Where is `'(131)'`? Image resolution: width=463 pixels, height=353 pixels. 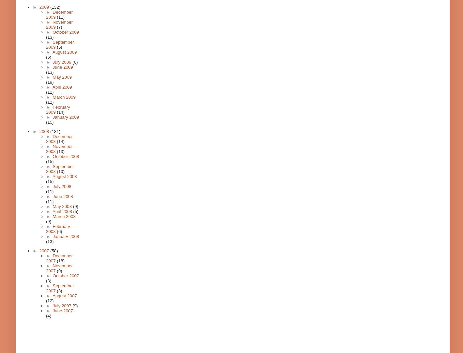
'(131)' is located at coordinates (55, 131).